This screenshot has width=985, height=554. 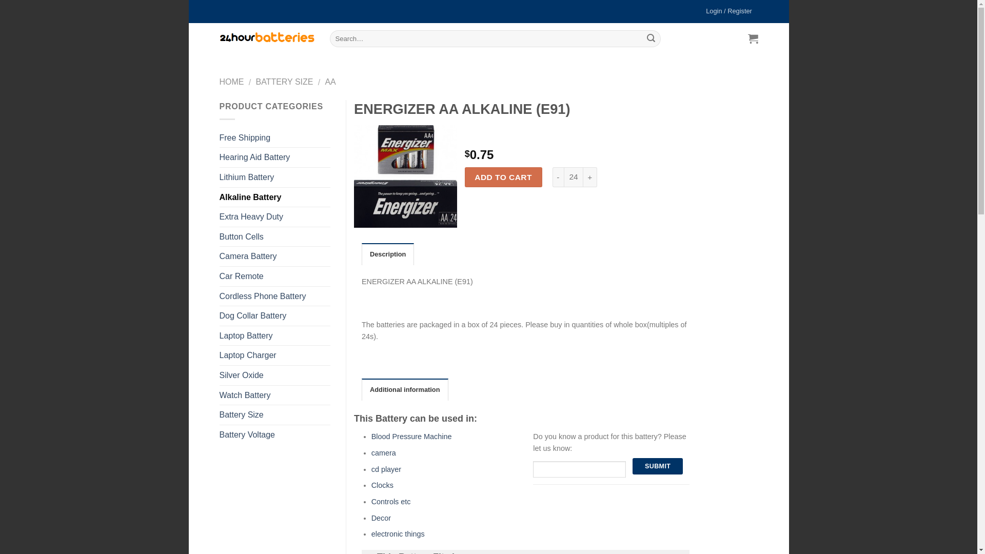 I want to click on 'Lithium Battery', so click(x=219, y=177).